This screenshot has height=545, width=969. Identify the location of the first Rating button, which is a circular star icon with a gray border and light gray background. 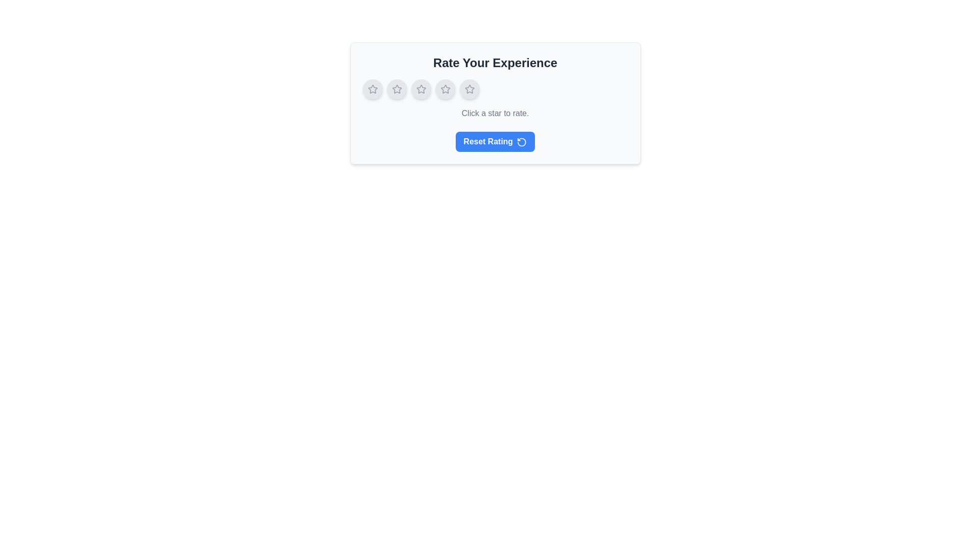
(372, 89).